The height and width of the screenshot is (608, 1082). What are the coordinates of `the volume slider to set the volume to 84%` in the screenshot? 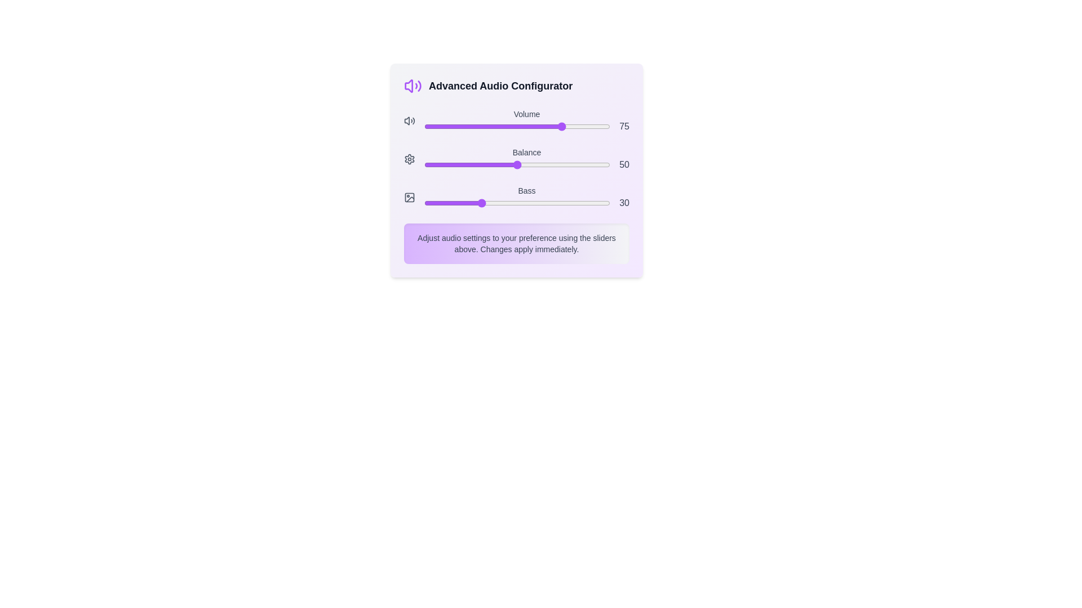 It's located at (580, 126).